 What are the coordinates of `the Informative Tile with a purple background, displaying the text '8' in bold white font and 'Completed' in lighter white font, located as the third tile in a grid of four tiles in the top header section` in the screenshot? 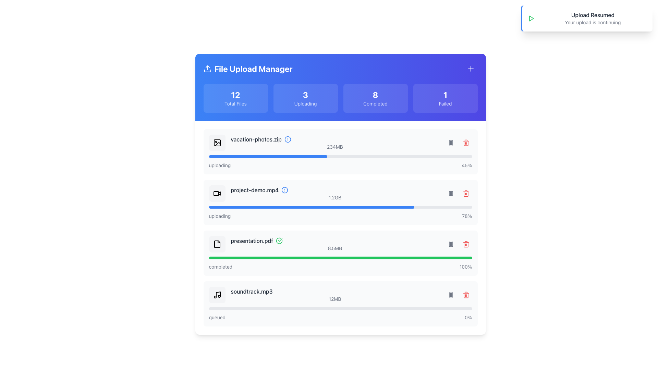 It's located at (375, 98).